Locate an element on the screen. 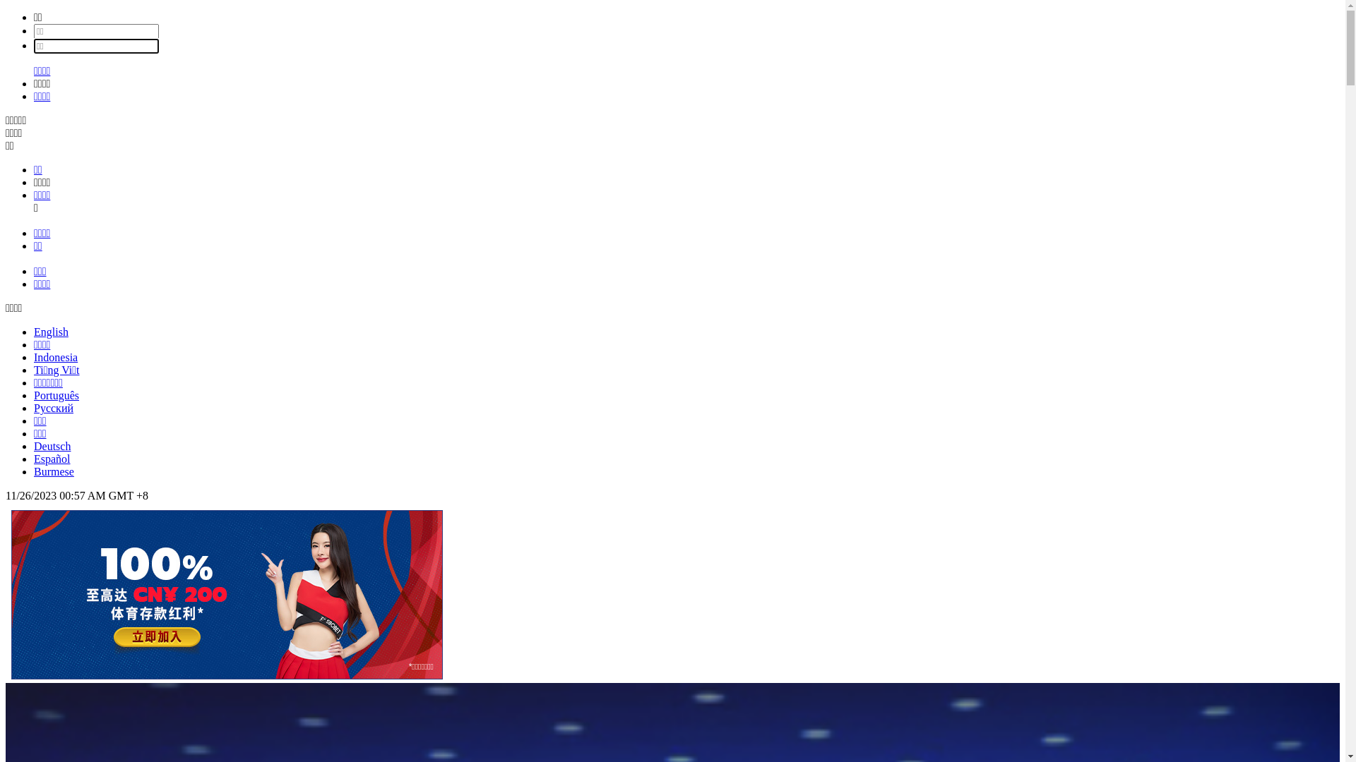 Image resolution: width=1356 pixels, height=762 pixels. '+' is located at coordinates (139, 495).